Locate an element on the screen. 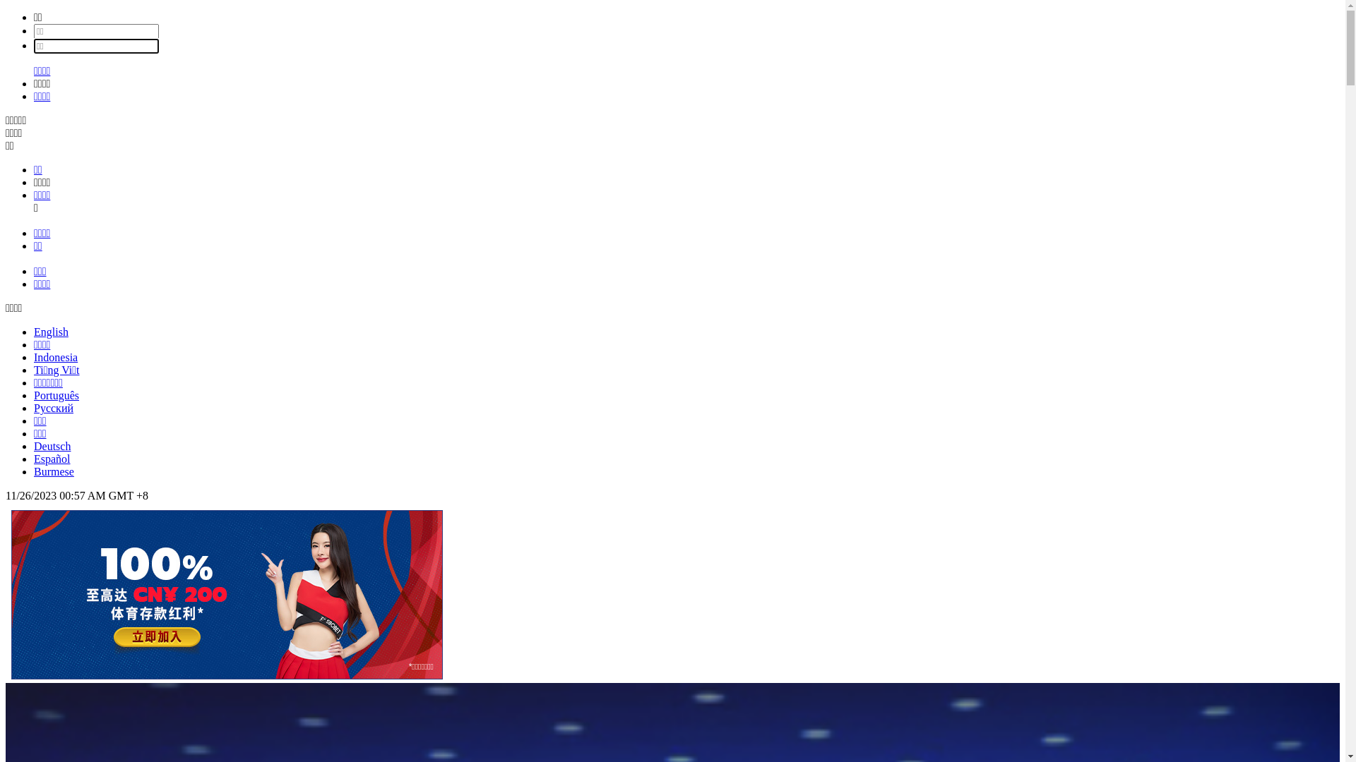 Image resolution: width=1356 pixels, height=762 pixels. '+' is located at coordinates (139, 495).